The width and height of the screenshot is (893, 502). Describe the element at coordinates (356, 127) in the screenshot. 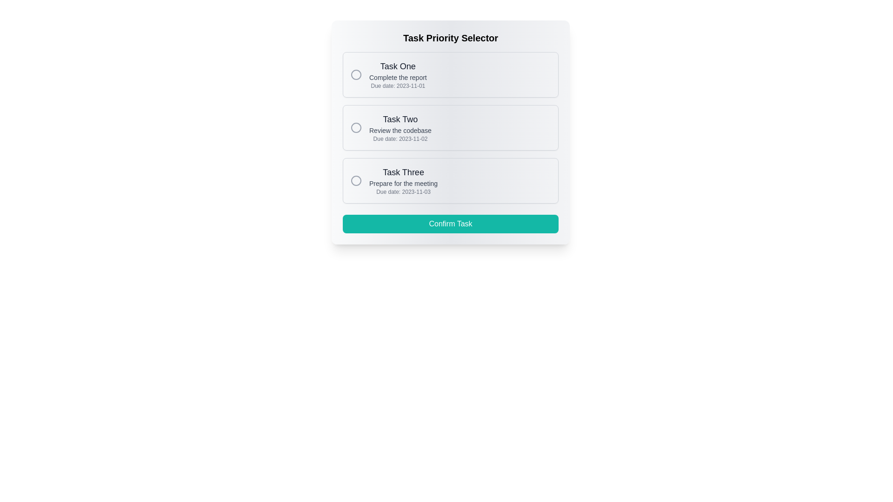

I see `the radio button to the left of the text 'Task Two'` at that location.